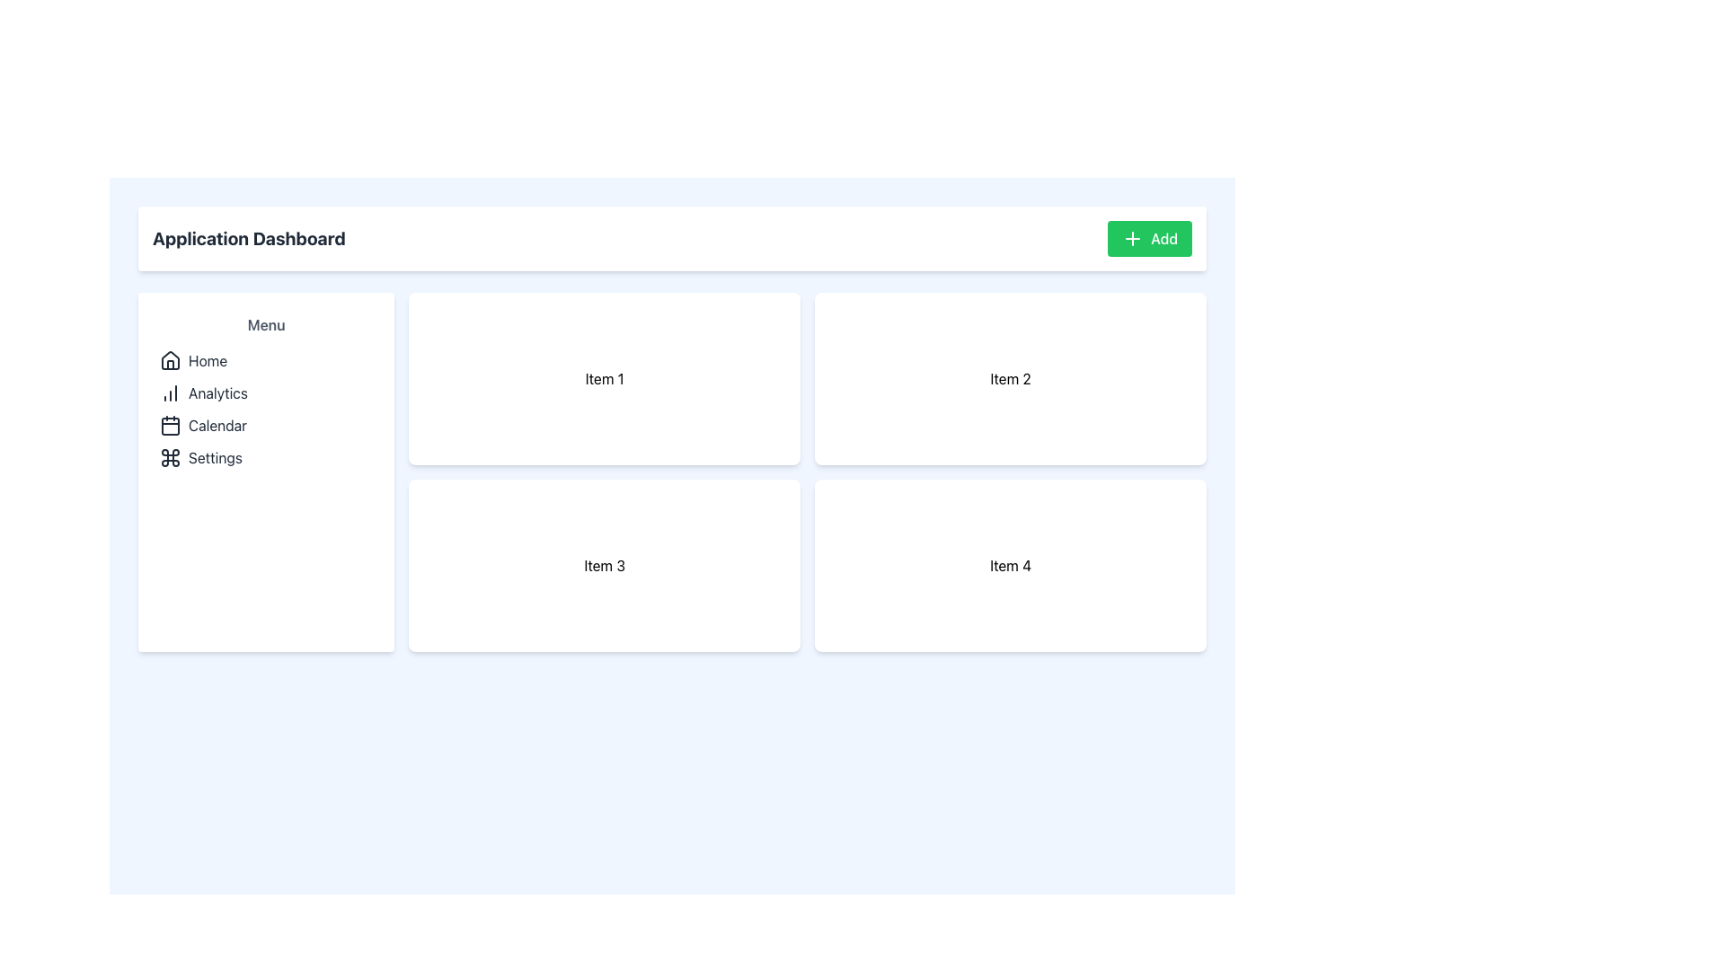 This screenshot has width=1725, height=970. Describe the element at coordinates (605, 564) in the screenshot. I see `the card labeled 'Item 3' which is a rectangular card with a white background located in the bottom-left quadrant of a 2x2 grid of cards` at that location.